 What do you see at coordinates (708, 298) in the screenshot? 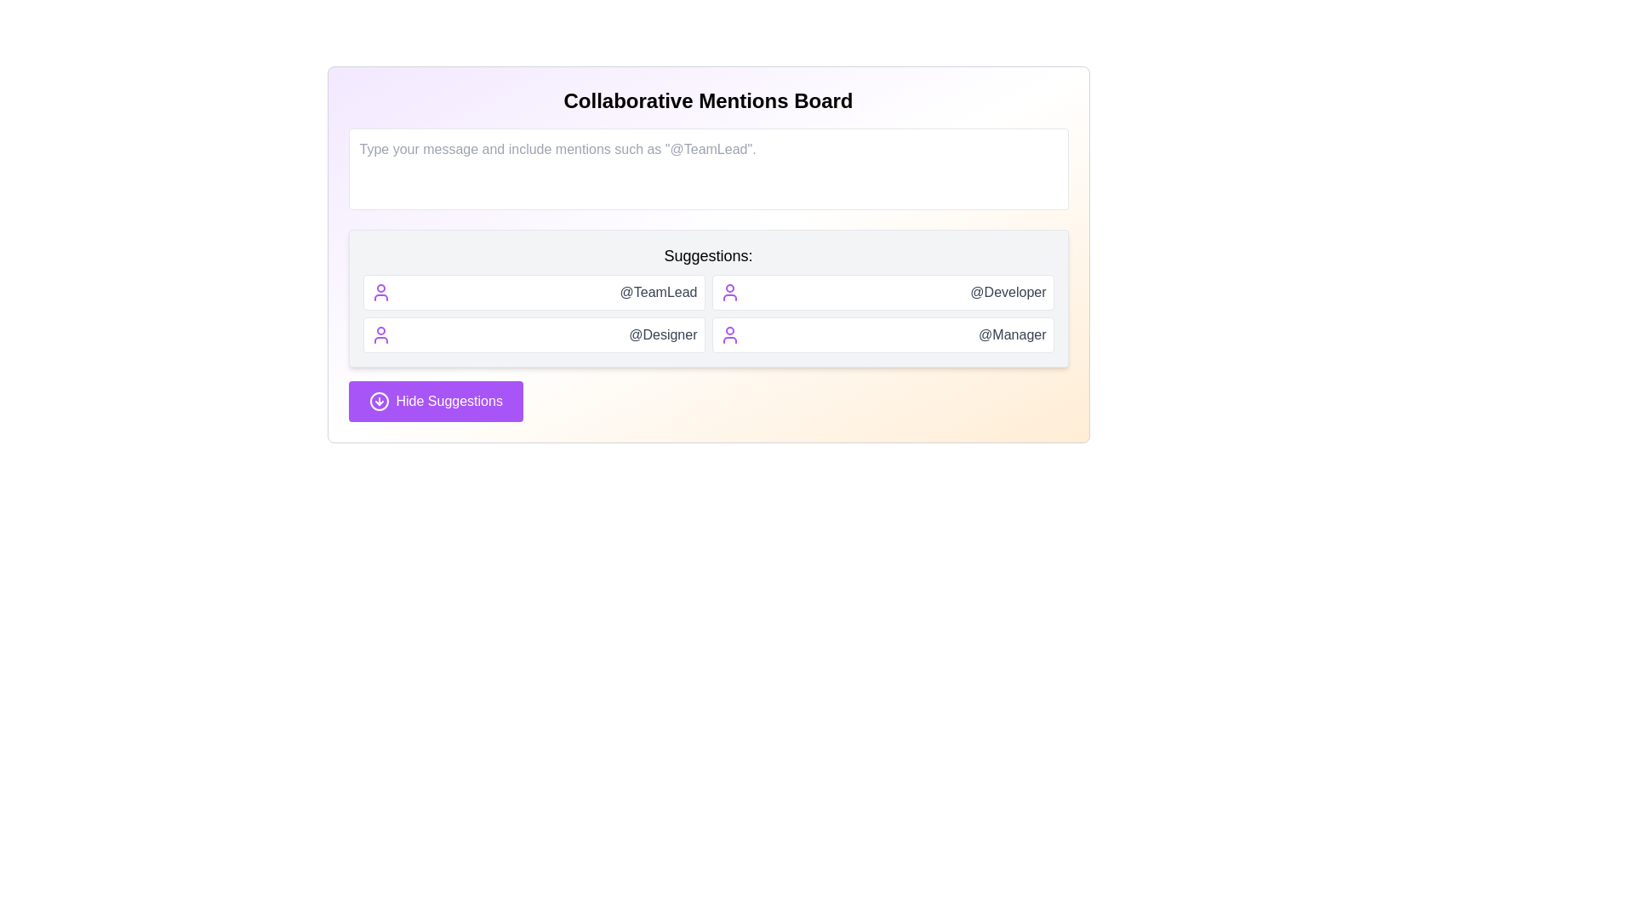
I see `the mention suggestions in the Suggestion box located in the Collaborative Mentions Board, which displays user recommendation tags such as '@TeamLead', '@Developer', '@Designer', and '@Manager'` at bounding box center [708, 298].